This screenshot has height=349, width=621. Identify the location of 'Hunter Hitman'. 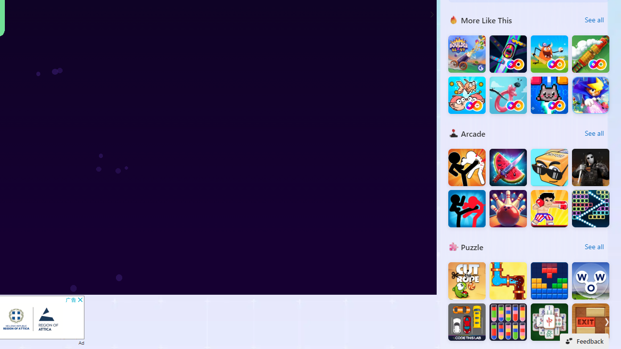
(590, 167).